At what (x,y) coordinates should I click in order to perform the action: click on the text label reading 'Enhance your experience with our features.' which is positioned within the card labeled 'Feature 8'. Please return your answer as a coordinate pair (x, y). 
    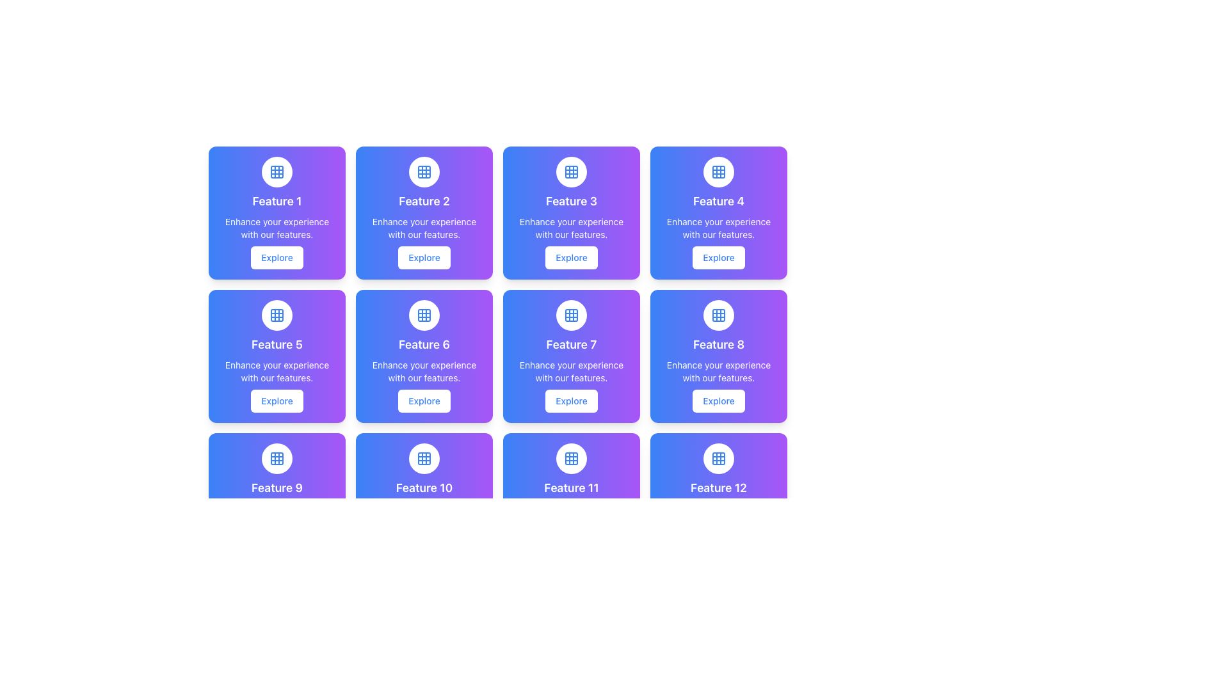
    Looking at the image, I should click on (719, 372).